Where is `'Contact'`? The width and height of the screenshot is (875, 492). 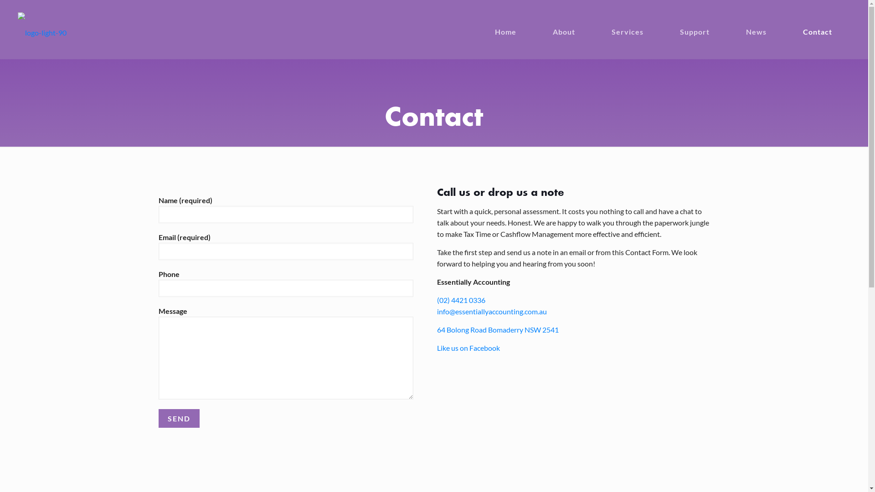 'Contact' is located at coordinates (827, 24).